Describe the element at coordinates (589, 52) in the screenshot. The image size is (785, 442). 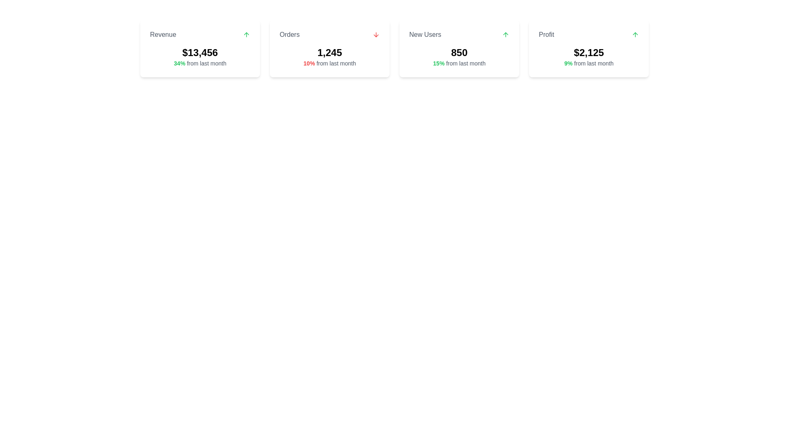
I see `text displayed in the large, bold font showing the financial metric '$2,125' within the 'Profit' card` at that location.